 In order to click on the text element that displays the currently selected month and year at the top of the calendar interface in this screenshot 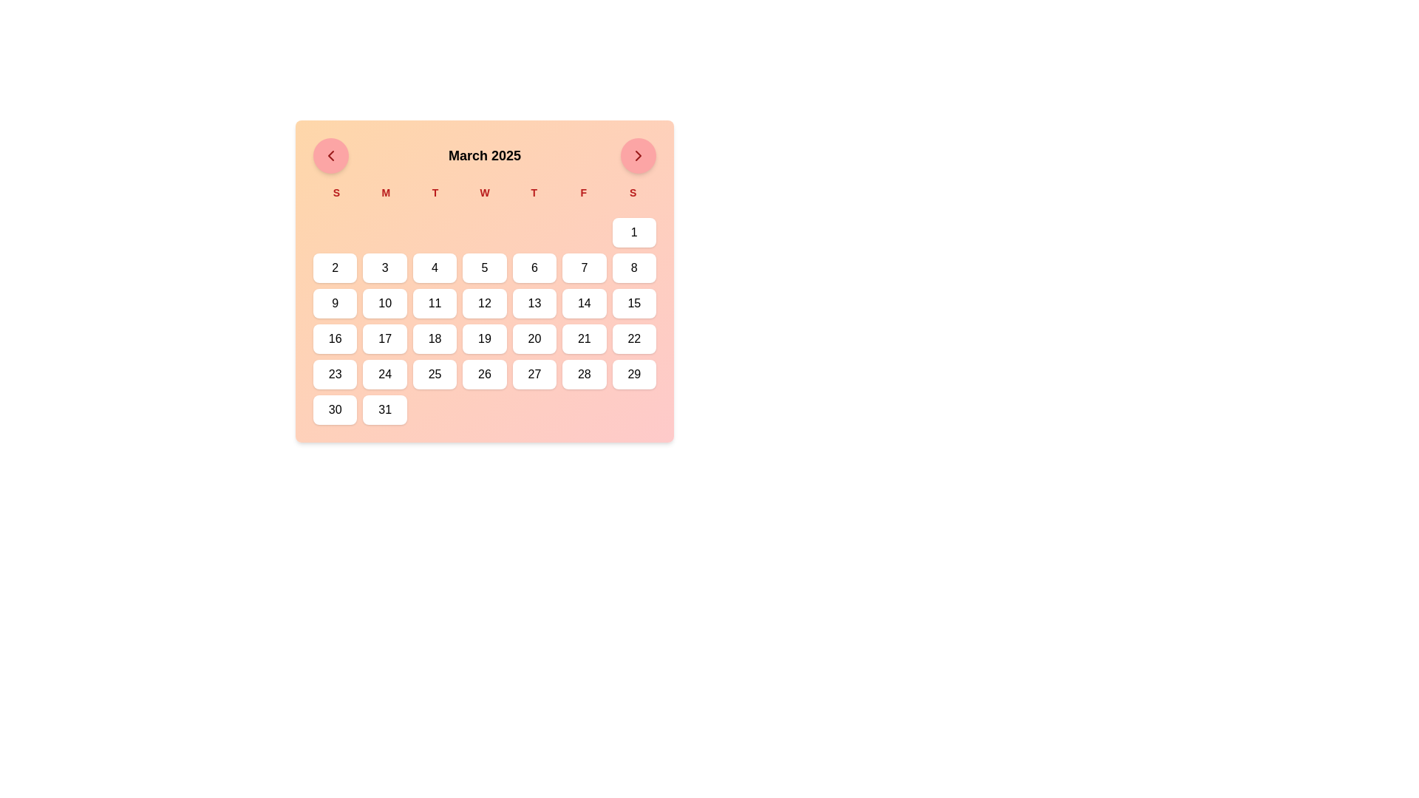, I will do `click(485, 156)`.